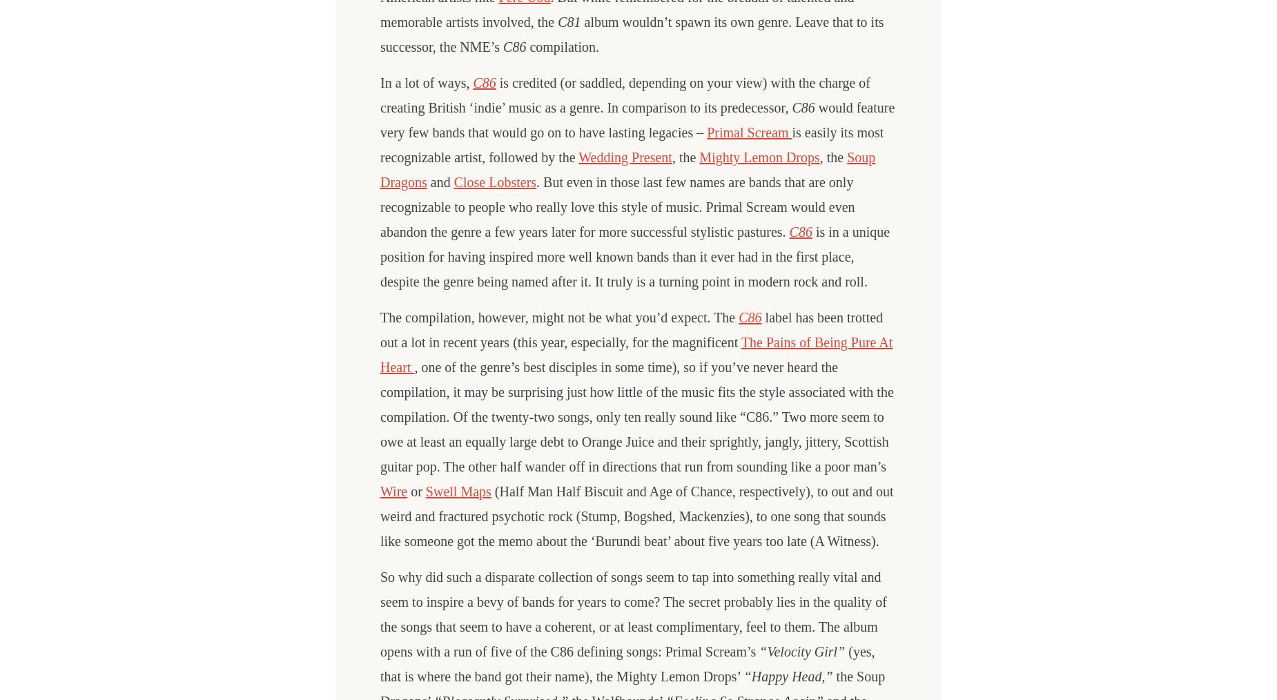 The height and width of the screenshot is (700, 1277). I want to click on '(yes, that is where the band got their name), the Mighty Lemon Drops’', so click(627, 663).